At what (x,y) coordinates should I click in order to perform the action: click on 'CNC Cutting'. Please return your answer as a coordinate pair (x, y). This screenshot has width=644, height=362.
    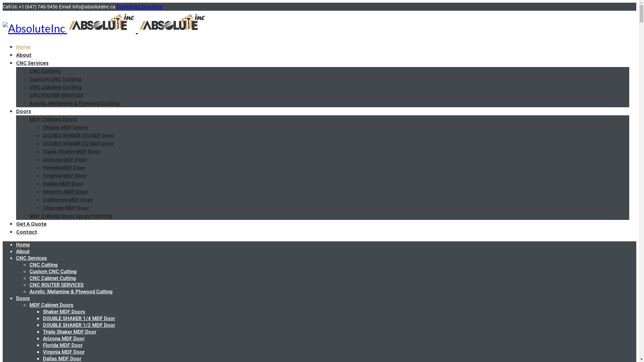
    Looking at the image, I should click on (43, 264).